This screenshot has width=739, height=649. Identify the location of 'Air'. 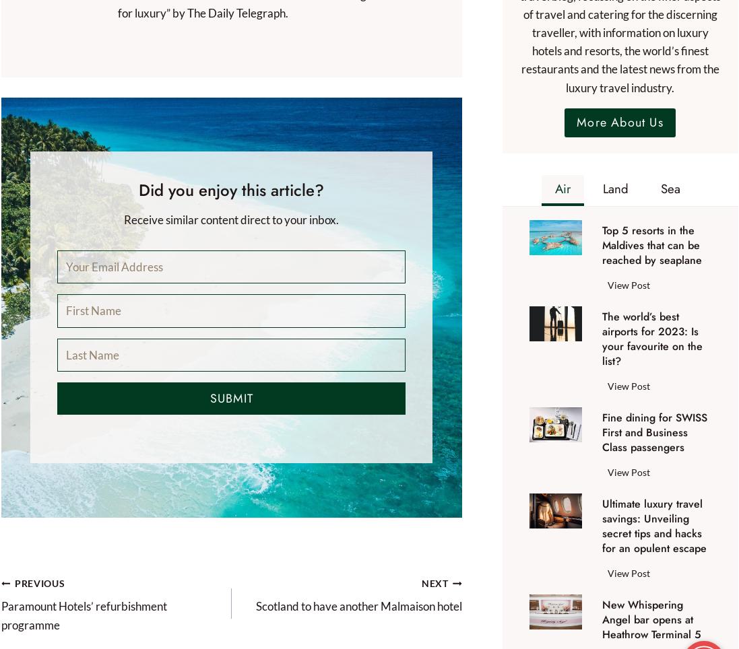
(562, 187).